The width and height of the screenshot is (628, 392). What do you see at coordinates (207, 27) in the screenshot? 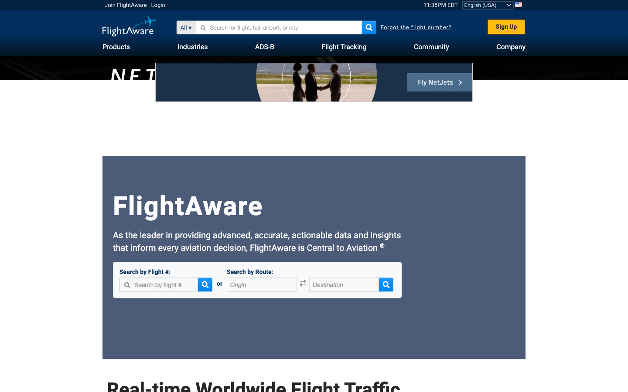
I see `Look up for the Private Aircraft with tail number: 1234` at bounding box center [207, 27].